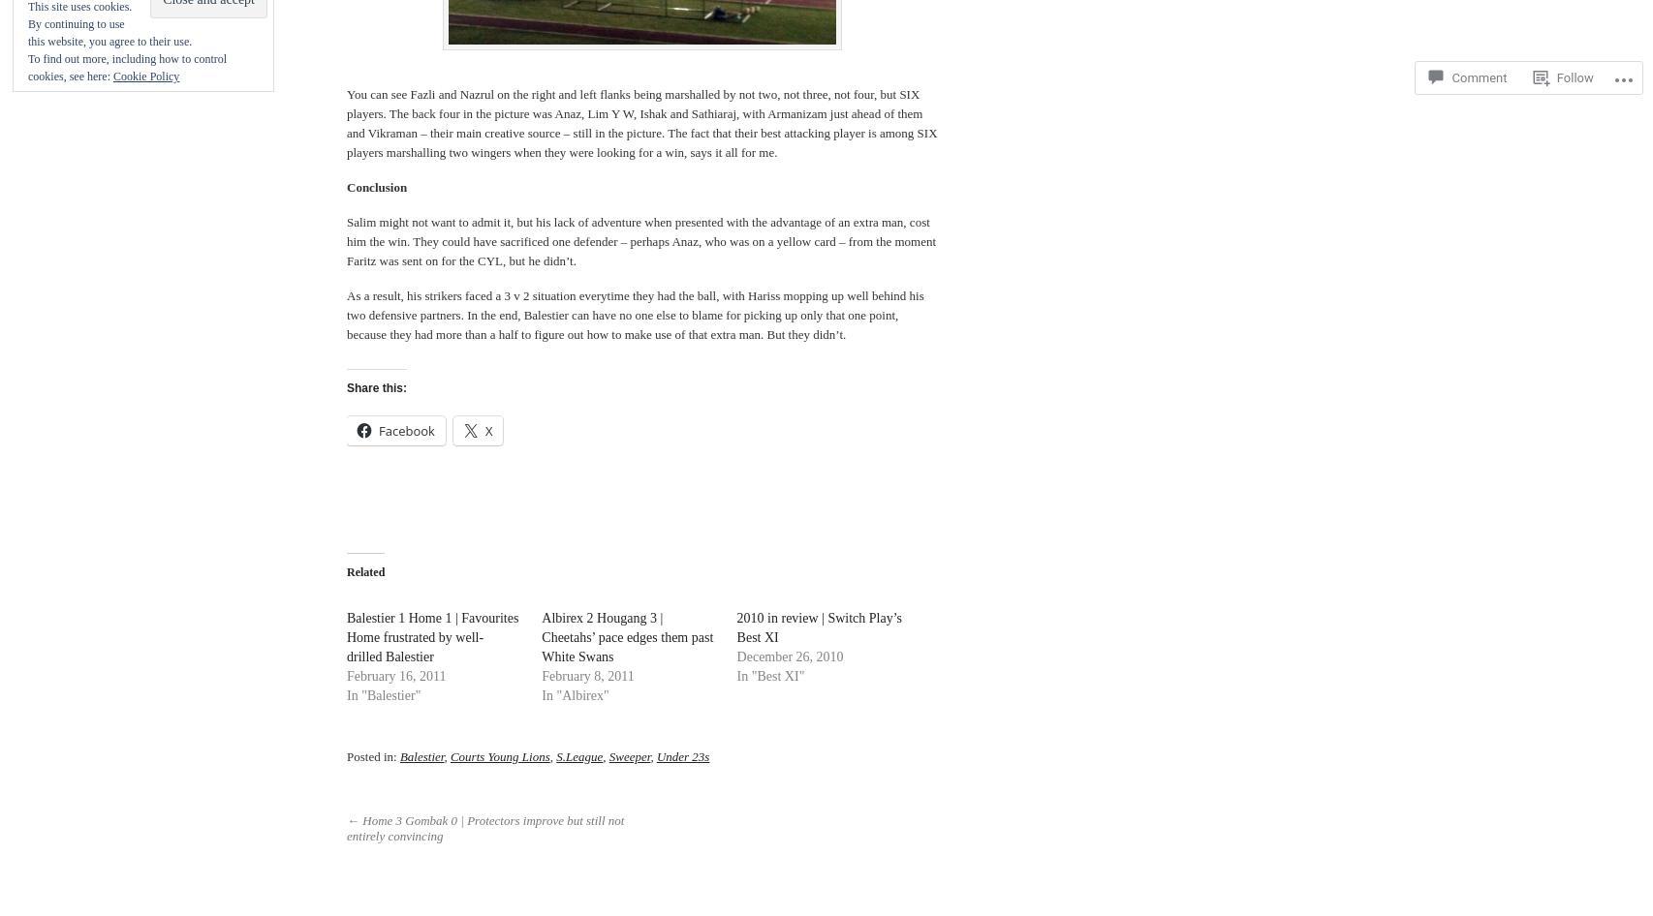 The height and width of the screenshot is (916, 1653). I want to click on 'Posted in:', so click(373, 754).